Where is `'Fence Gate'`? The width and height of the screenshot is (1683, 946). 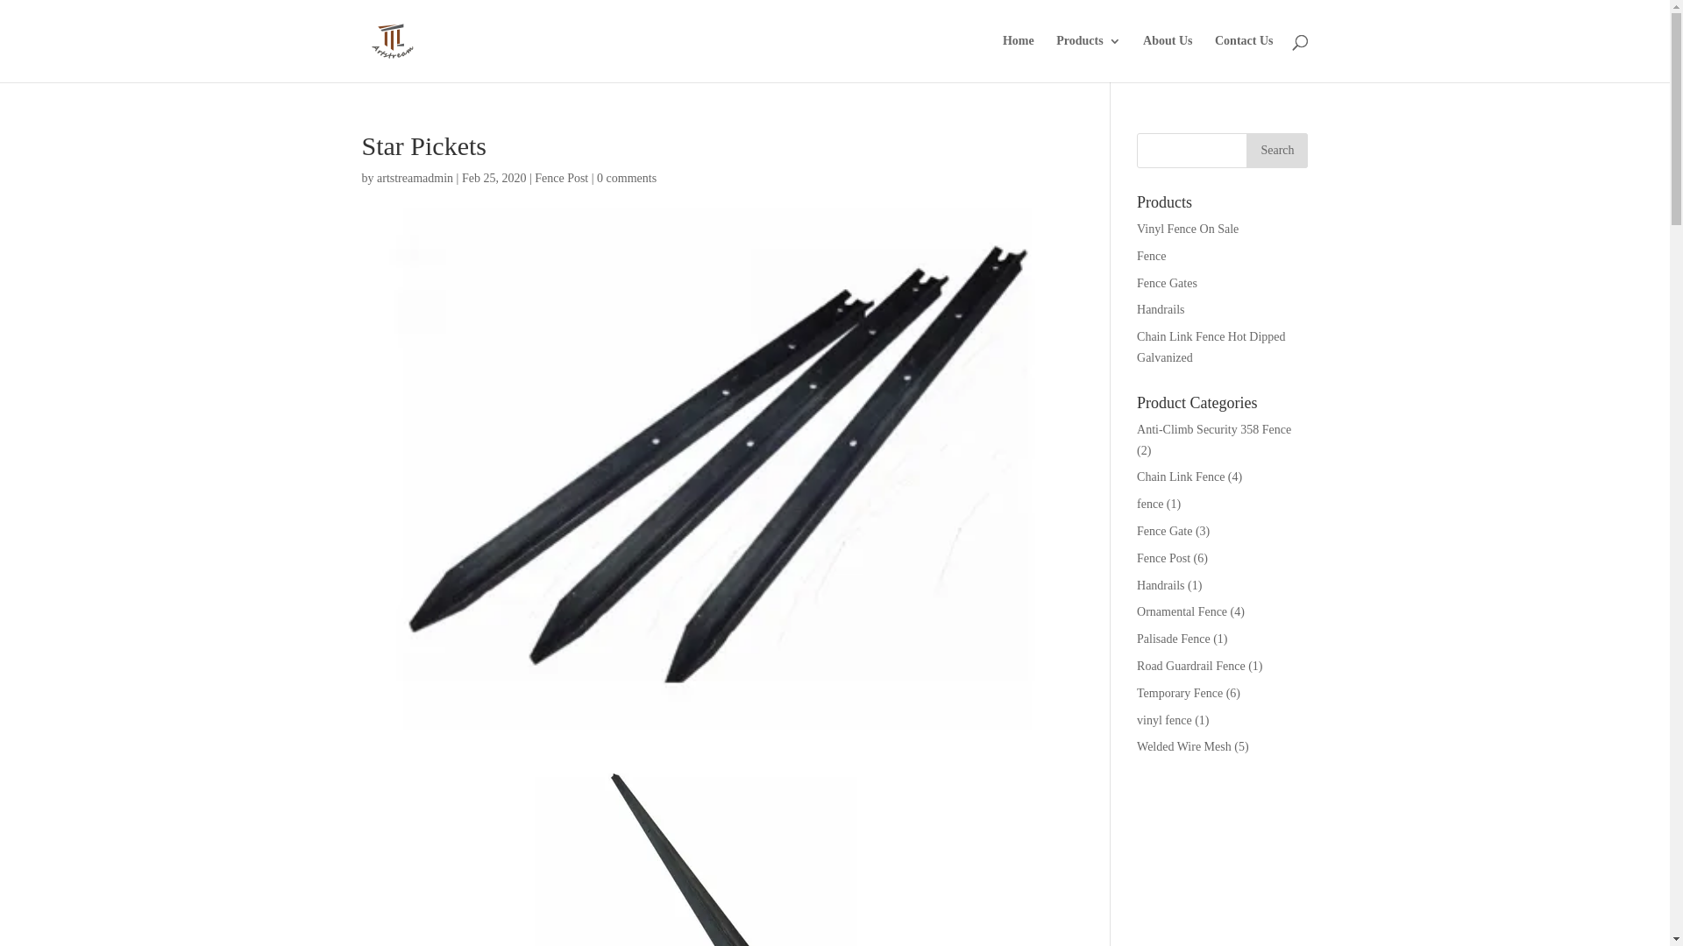
'Fence Gate' is located at coordinates (1136, 530).